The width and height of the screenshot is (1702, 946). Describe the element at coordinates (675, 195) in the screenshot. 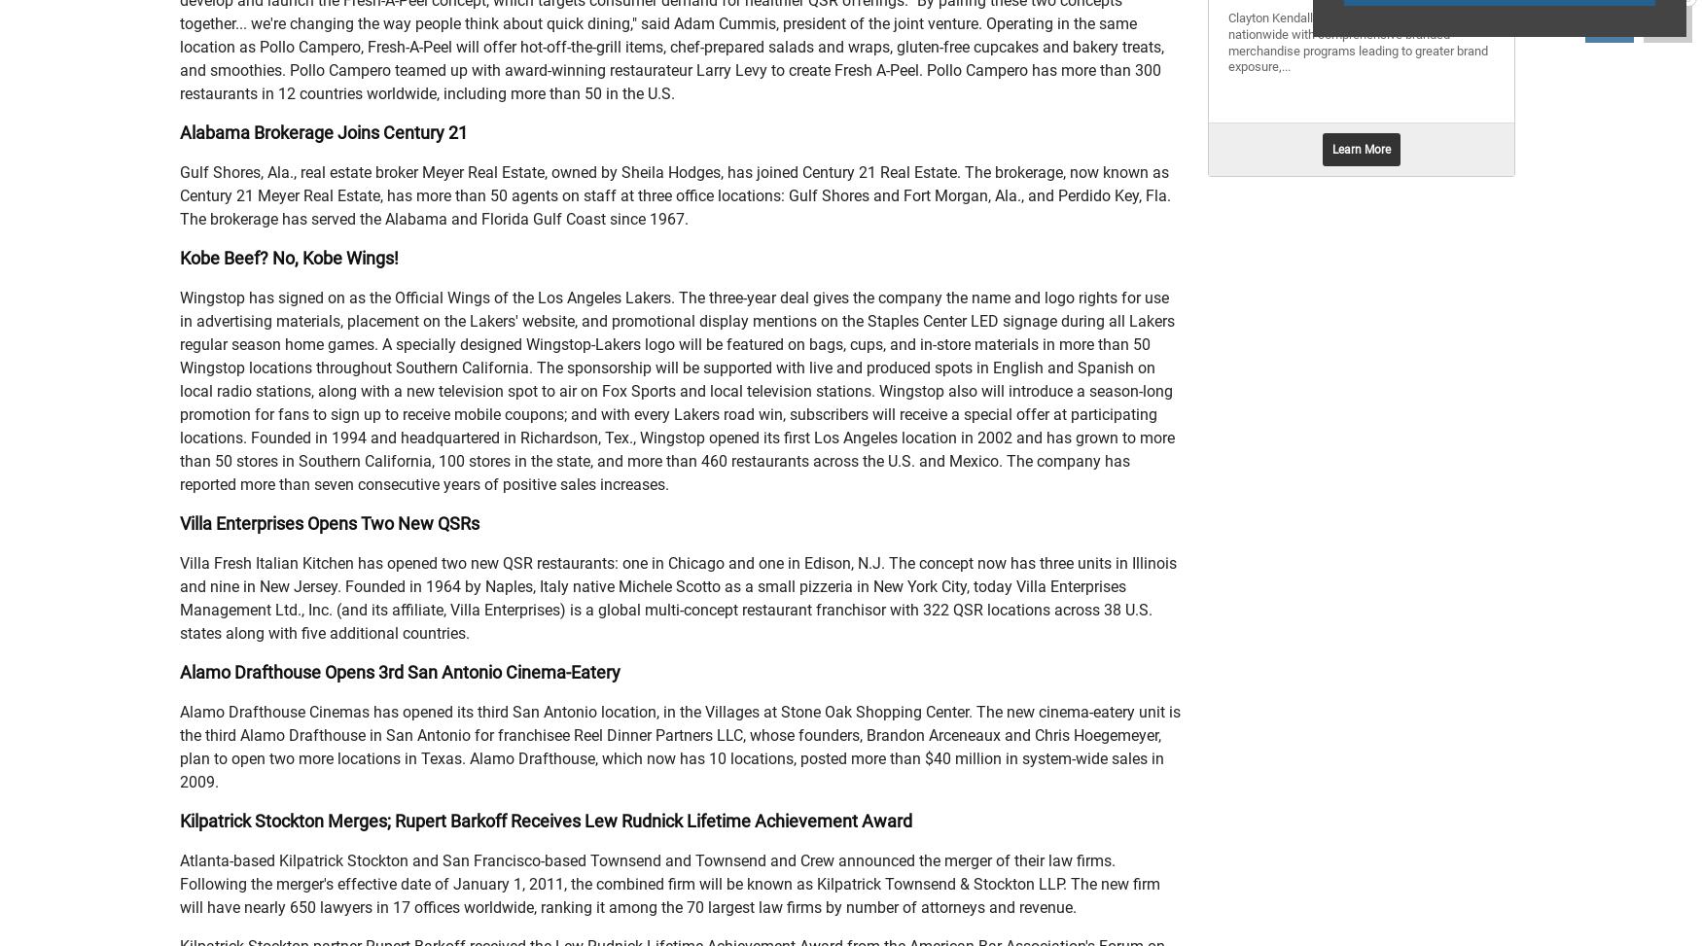

I see `'Gulf Shores, Ala., real estate broker Meyer Real Estate, owned by Sheila Hodges, has joined Century 21 Real Estate. The brokerage, now known as Century 21 Meyer Real Estate, has more than 50 agents on staff at three office locations: Gulf Shores and Fort Morgan, Ala., and Perdido Key, Fla. The brokerage has served the Alabama and Florida Gulf Coast since 1967.'` at that location.